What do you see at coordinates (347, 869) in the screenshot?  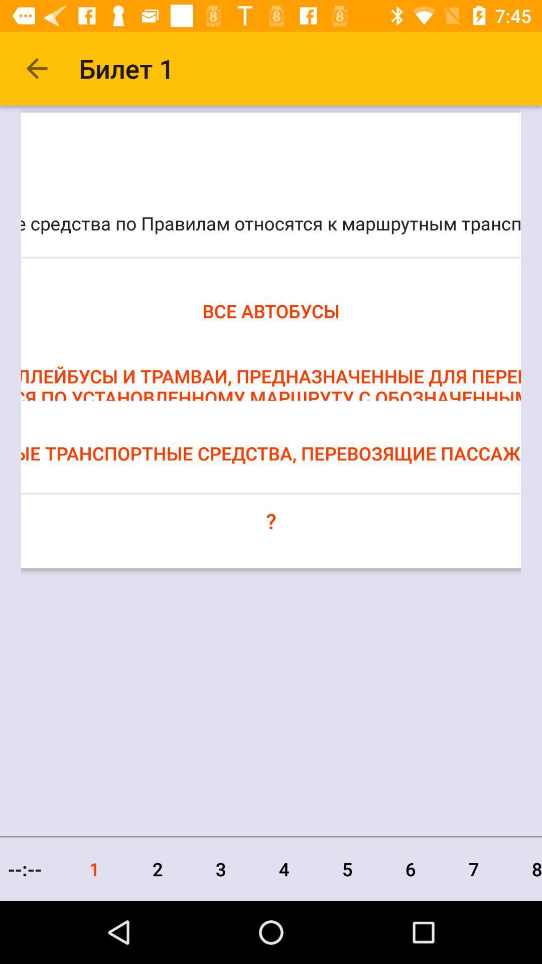 I see `the item next to 4 item` at bounding box center [347, 869].